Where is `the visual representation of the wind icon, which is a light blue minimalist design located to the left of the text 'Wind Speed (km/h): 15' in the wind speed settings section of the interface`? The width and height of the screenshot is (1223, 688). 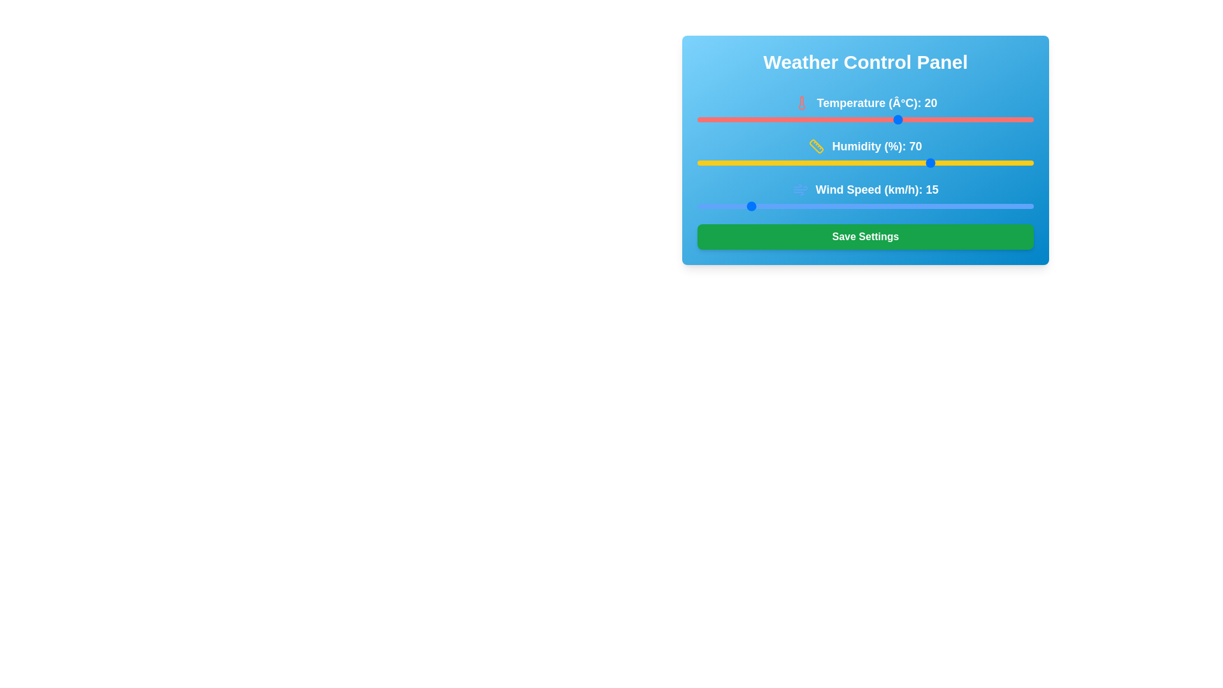
the visual representation of the wind icon, which is a light blue minimalist design located to the left of the text 'Wind Speed (km/h): 15' in the wind speed settings section of the interface is located at coordinates (799, 189).